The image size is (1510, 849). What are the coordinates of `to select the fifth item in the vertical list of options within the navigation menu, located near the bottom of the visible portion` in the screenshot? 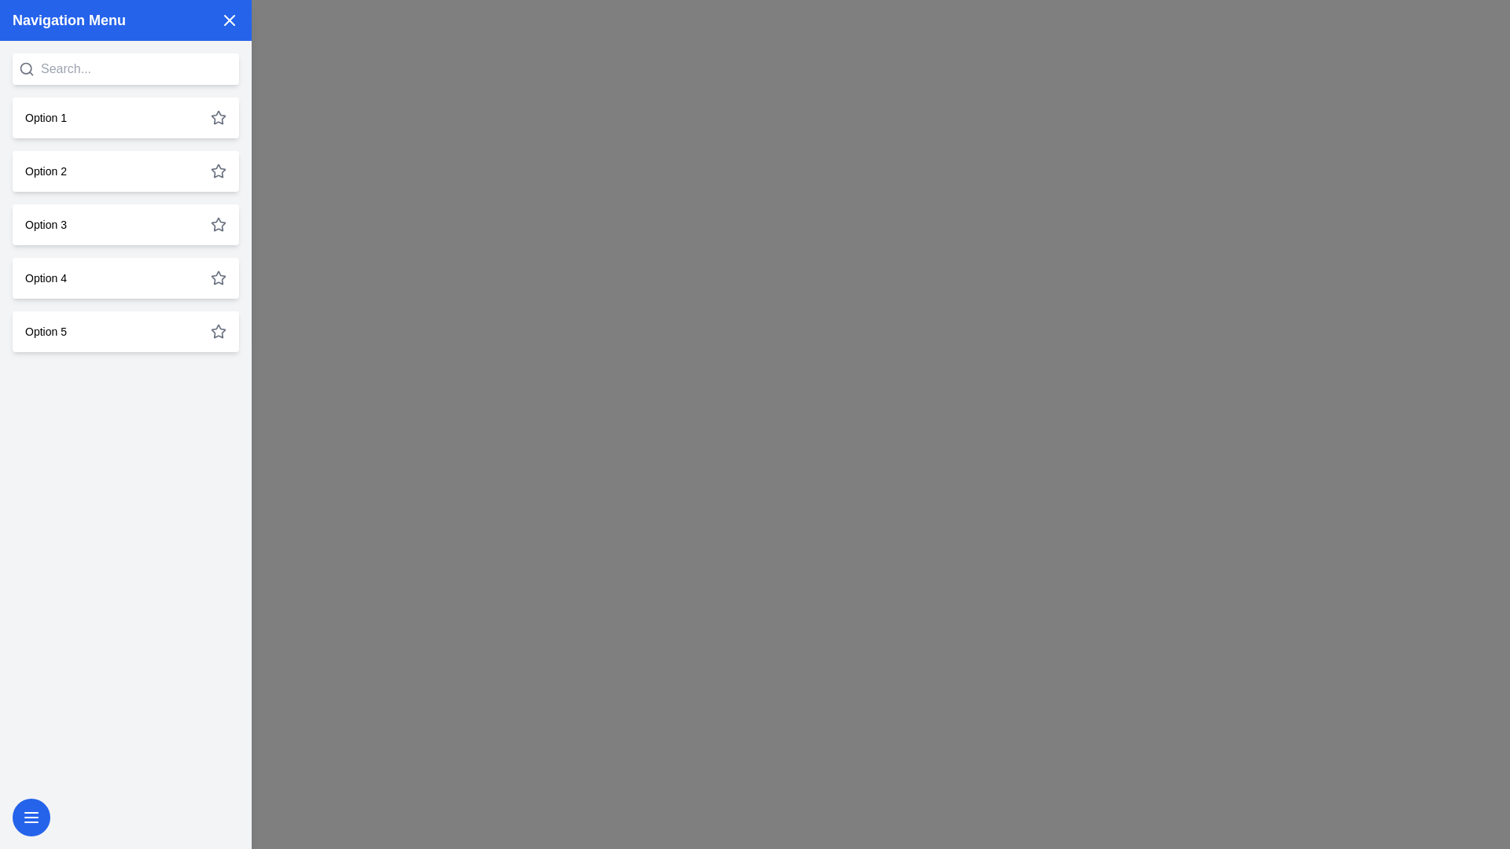 It's located at (124, 330).